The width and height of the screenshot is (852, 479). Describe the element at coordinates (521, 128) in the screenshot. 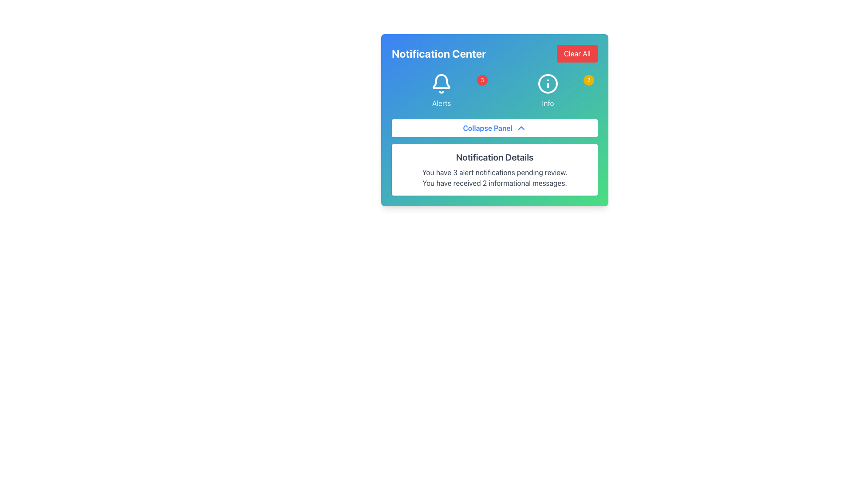

I see `the upward-pointing blue chevron icon located to the right of the 'Collapse Panel' text to receive visual feedback` at that location.